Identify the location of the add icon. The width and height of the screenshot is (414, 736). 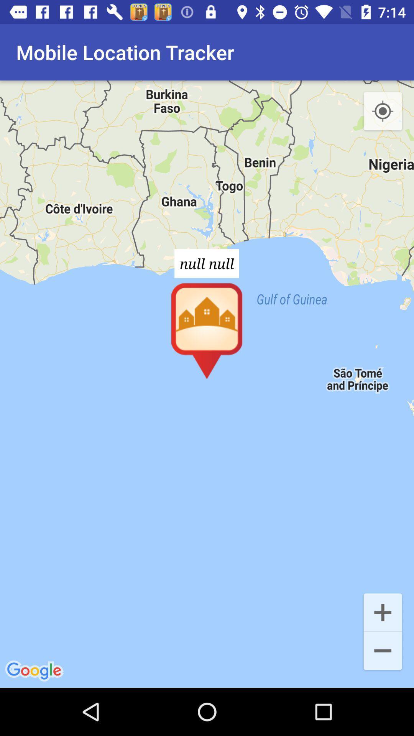
(383, 611).